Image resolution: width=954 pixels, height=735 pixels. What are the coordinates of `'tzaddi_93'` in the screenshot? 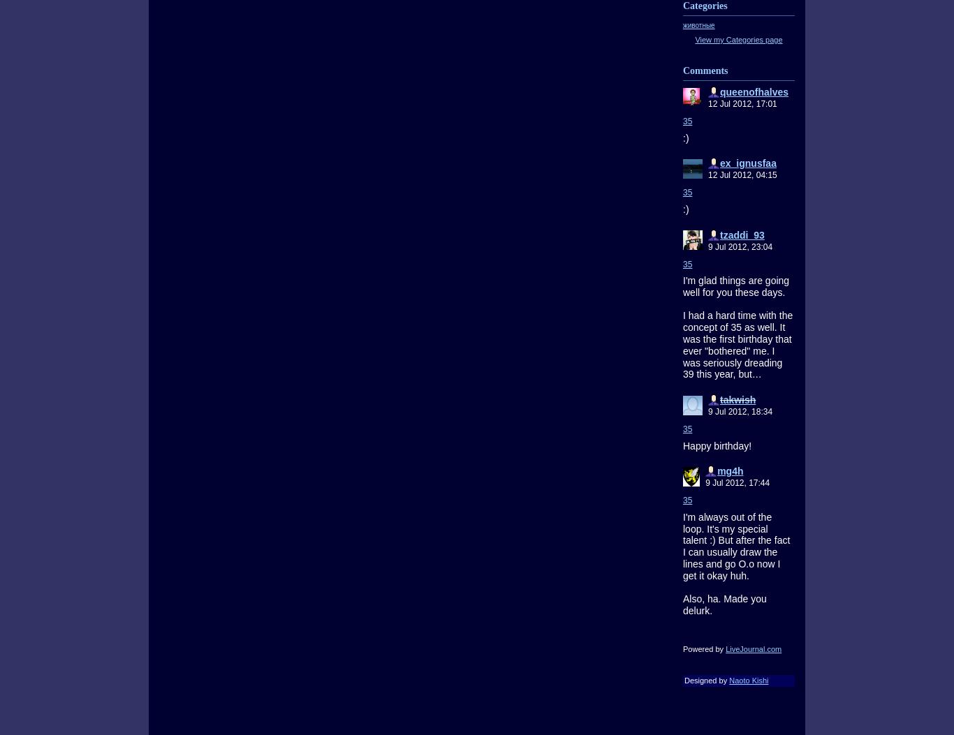 It's located at (741, 234).